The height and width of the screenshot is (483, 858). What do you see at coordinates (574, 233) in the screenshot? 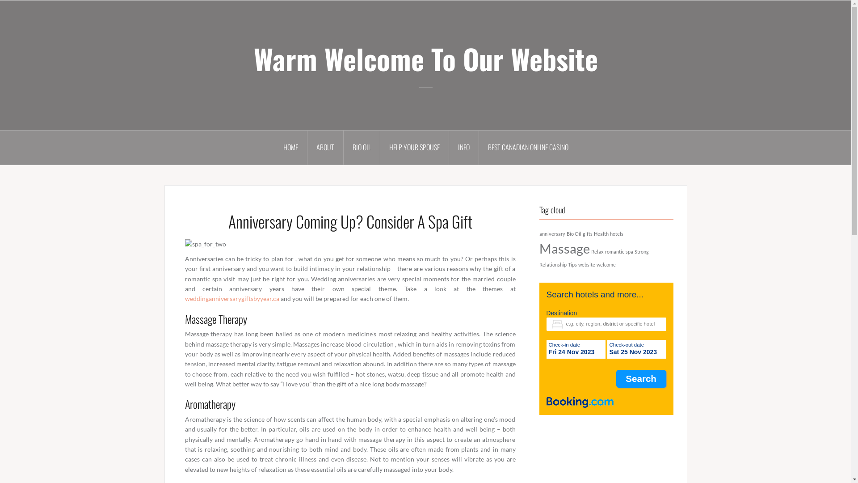
I see `'Bio Oil'` at bounding box center [574, 233].